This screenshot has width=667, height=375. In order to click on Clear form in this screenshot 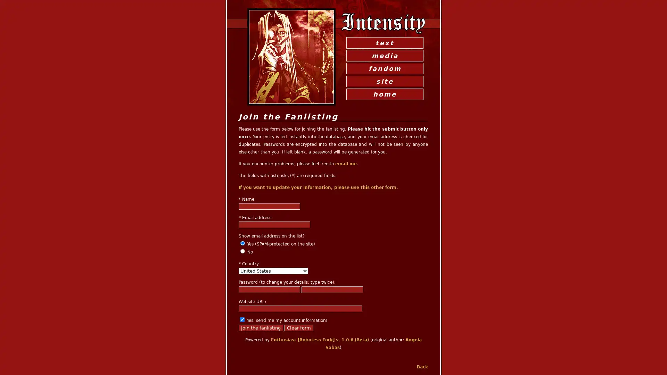, I will do `click(299, 328)`.